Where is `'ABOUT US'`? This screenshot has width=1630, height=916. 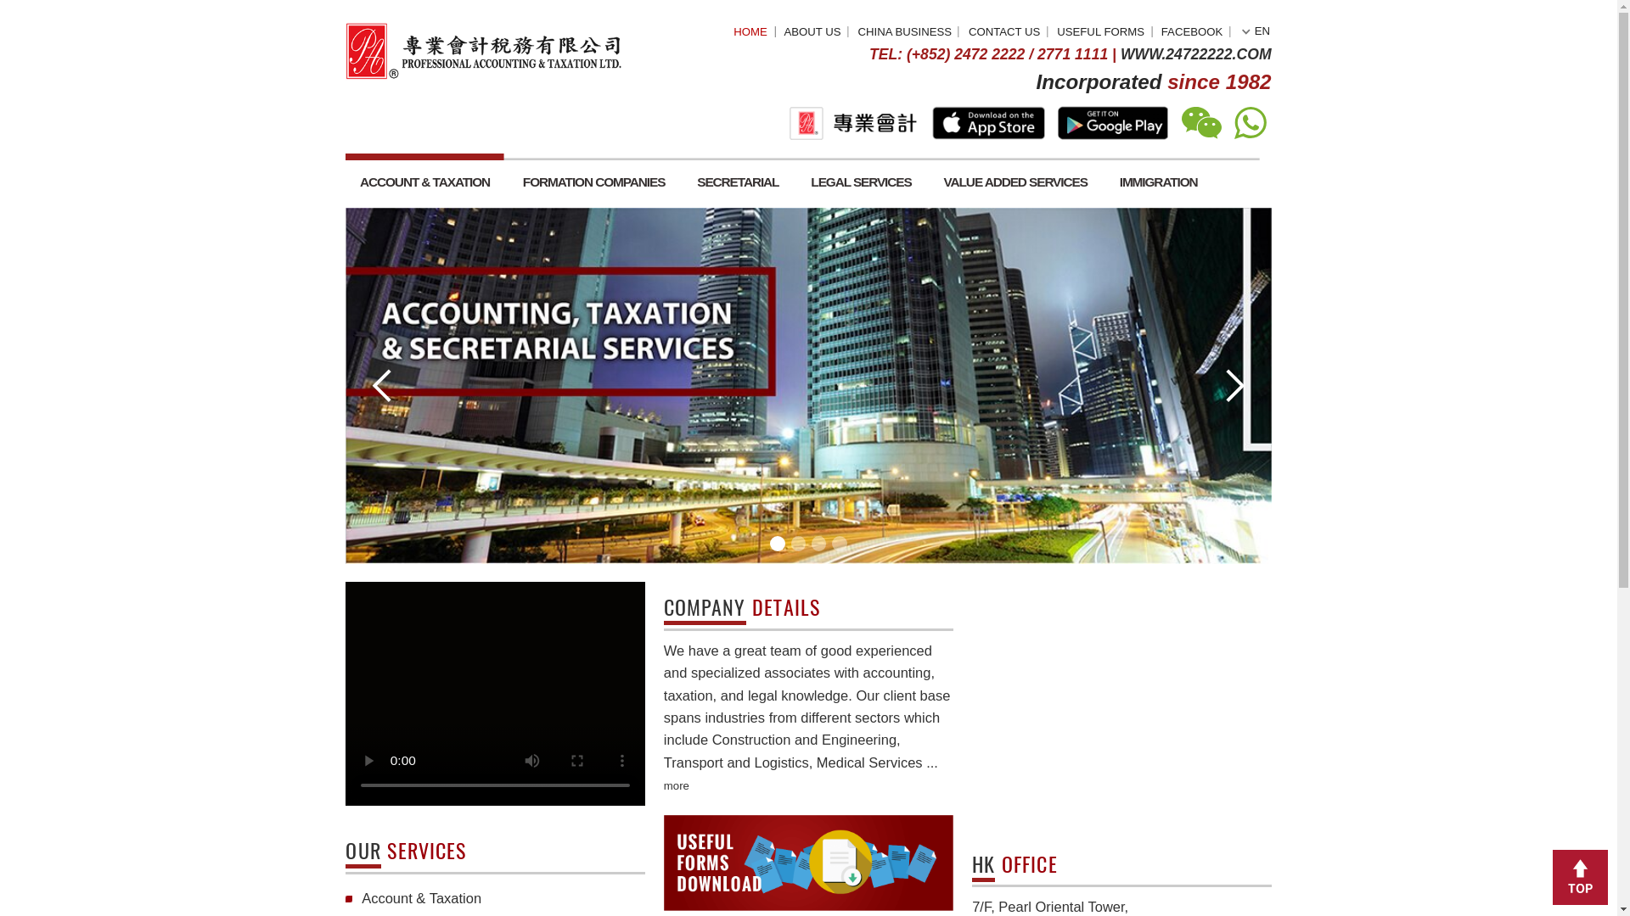
'ABOUT US' is located at coordinates (739, 20).